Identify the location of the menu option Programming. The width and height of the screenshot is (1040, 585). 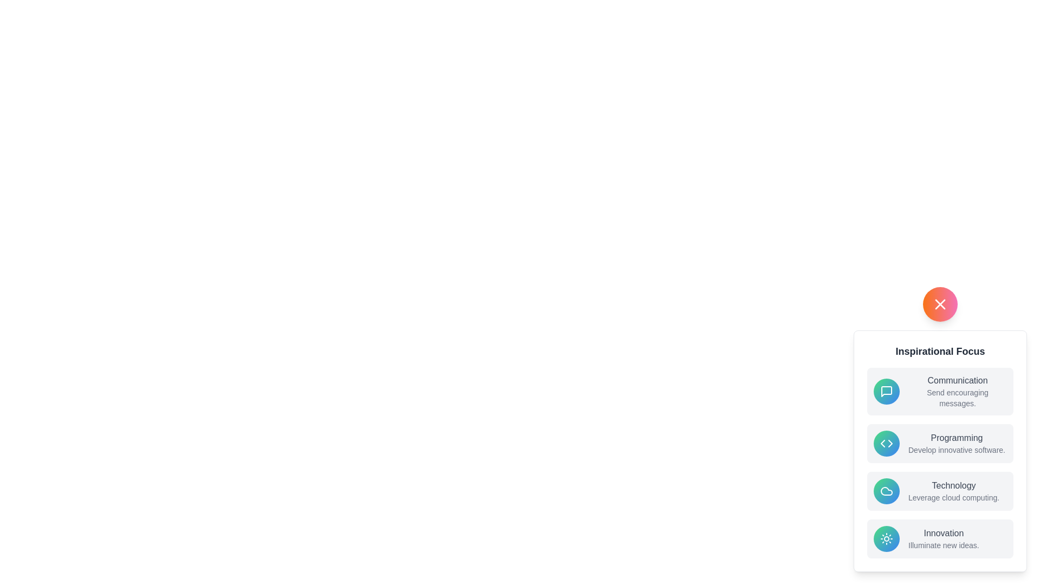
(940, 443).